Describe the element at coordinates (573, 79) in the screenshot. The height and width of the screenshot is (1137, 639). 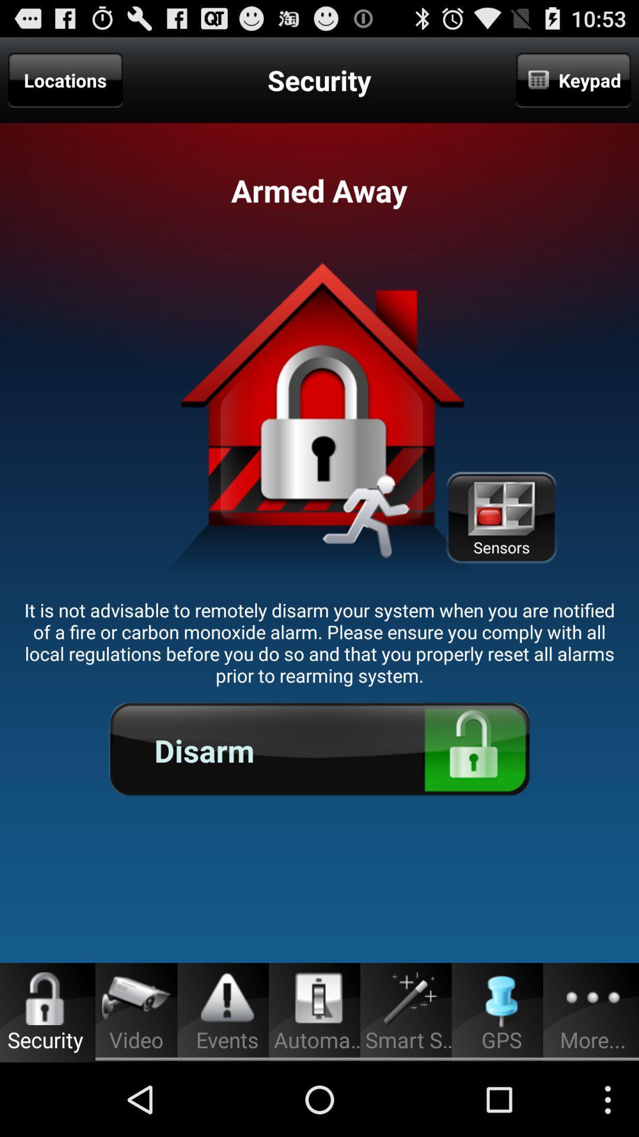
I see `button above the sensors button` at that location.